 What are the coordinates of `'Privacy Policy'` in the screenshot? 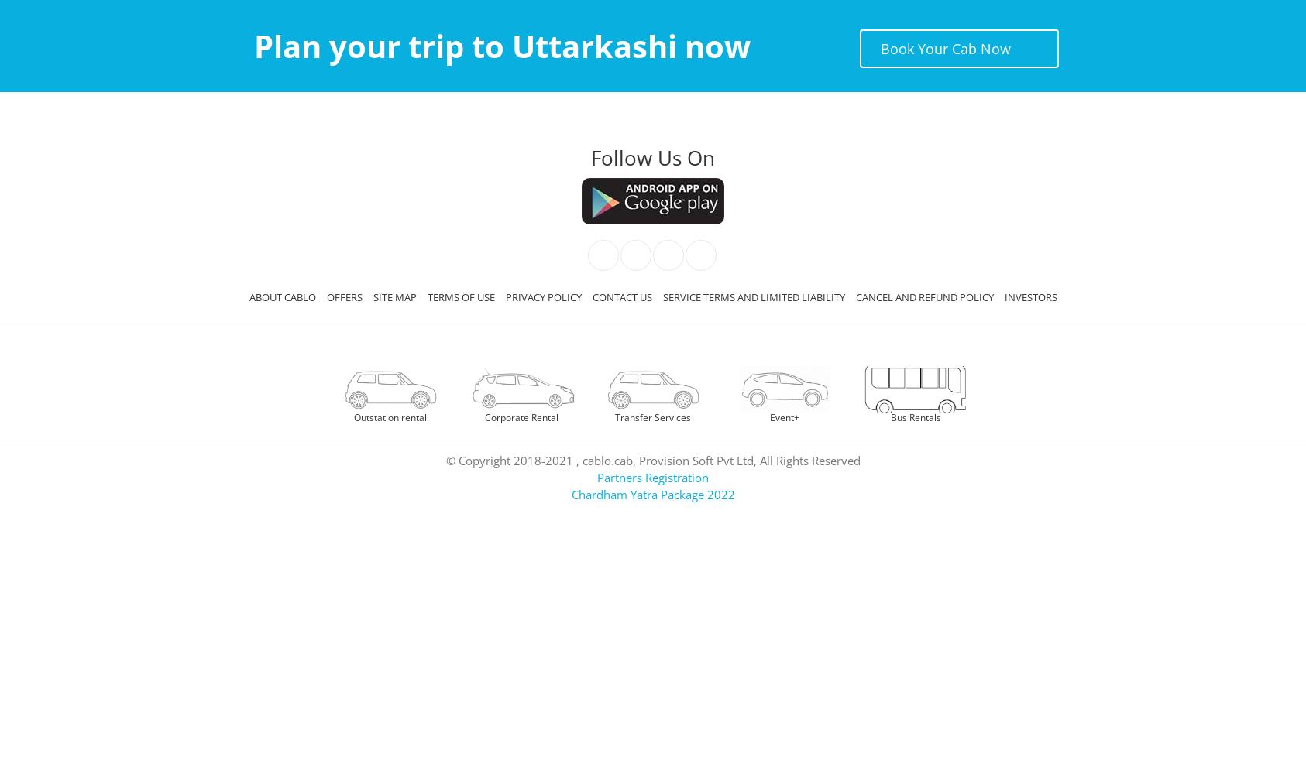 It's located at (542, 297).